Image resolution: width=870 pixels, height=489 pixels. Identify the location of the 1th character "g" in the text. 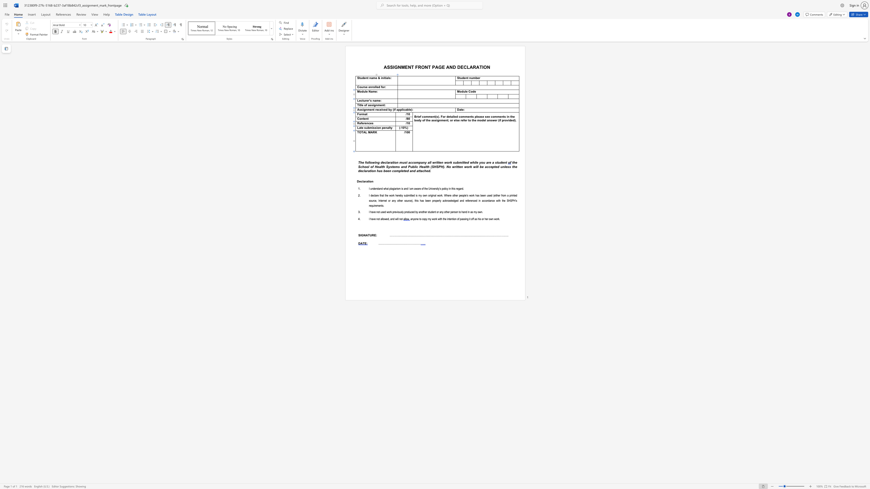
(378, 162).